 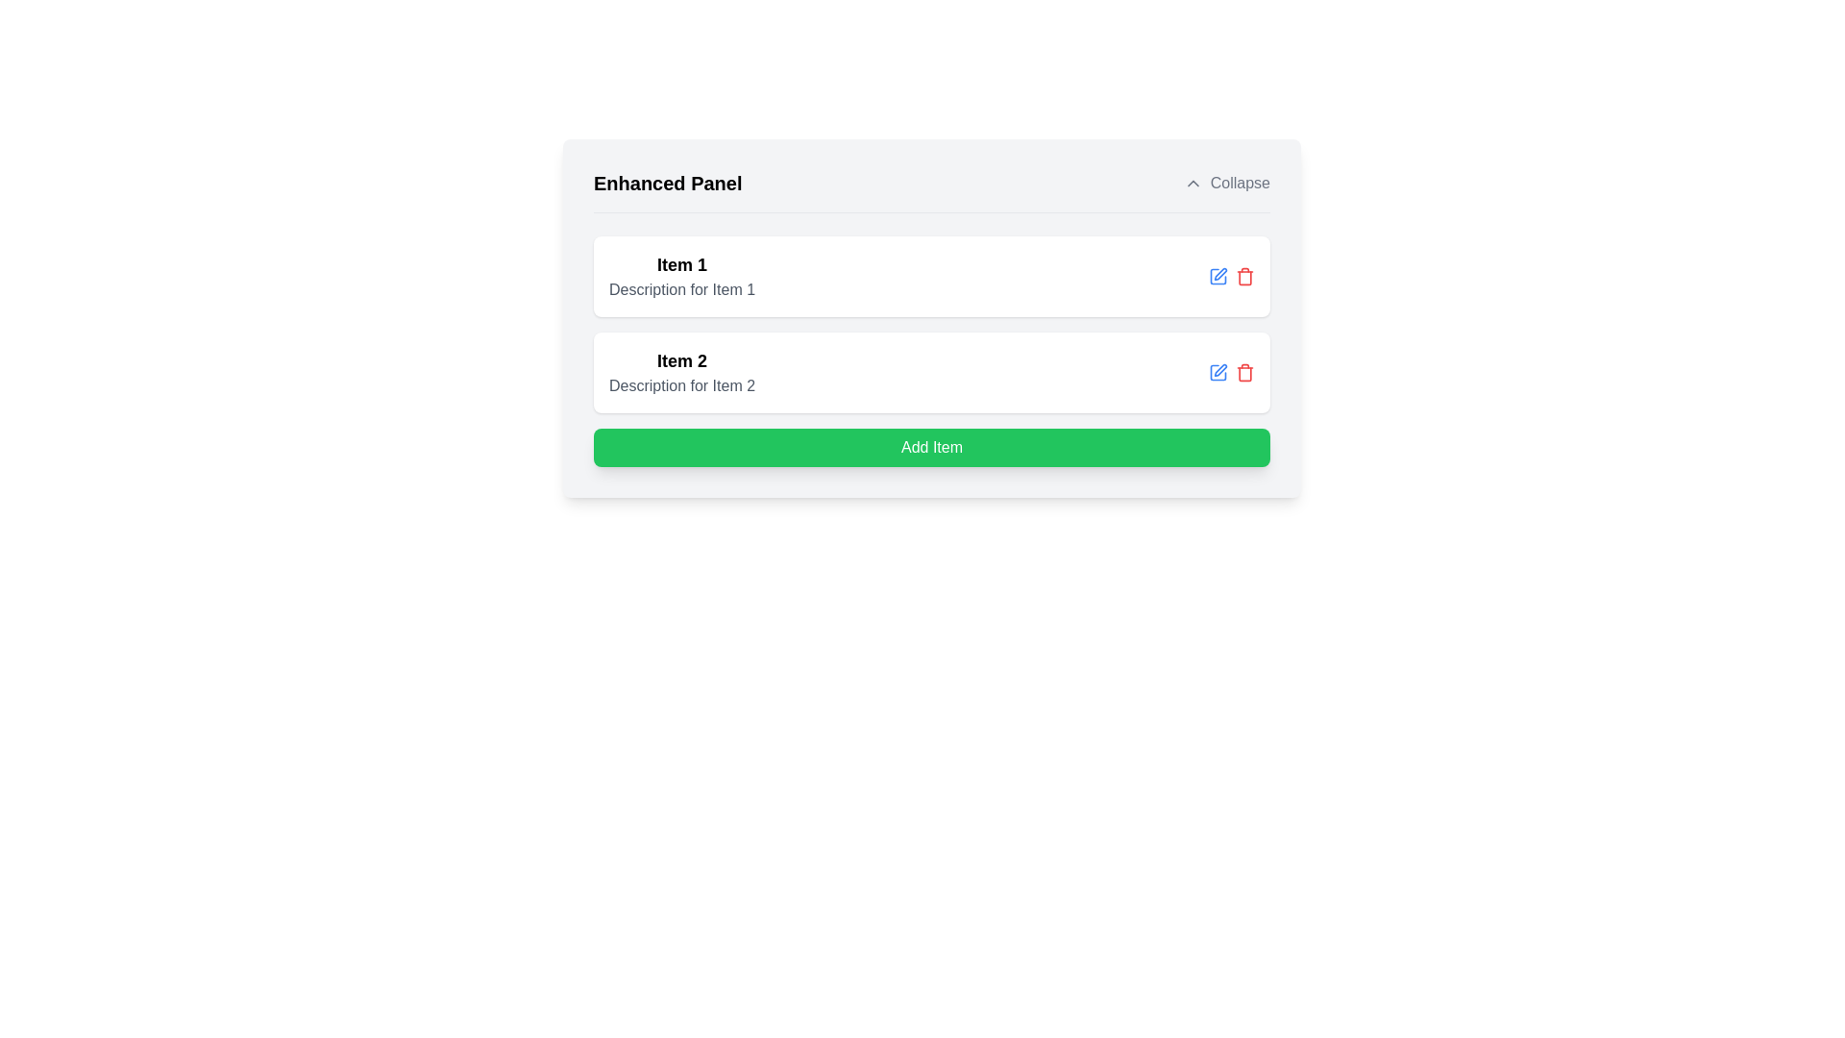 What do you see at coordinates (1219, 274) in the screenshot?
I see `the edit icon button` at bounding box center [1219, 274].